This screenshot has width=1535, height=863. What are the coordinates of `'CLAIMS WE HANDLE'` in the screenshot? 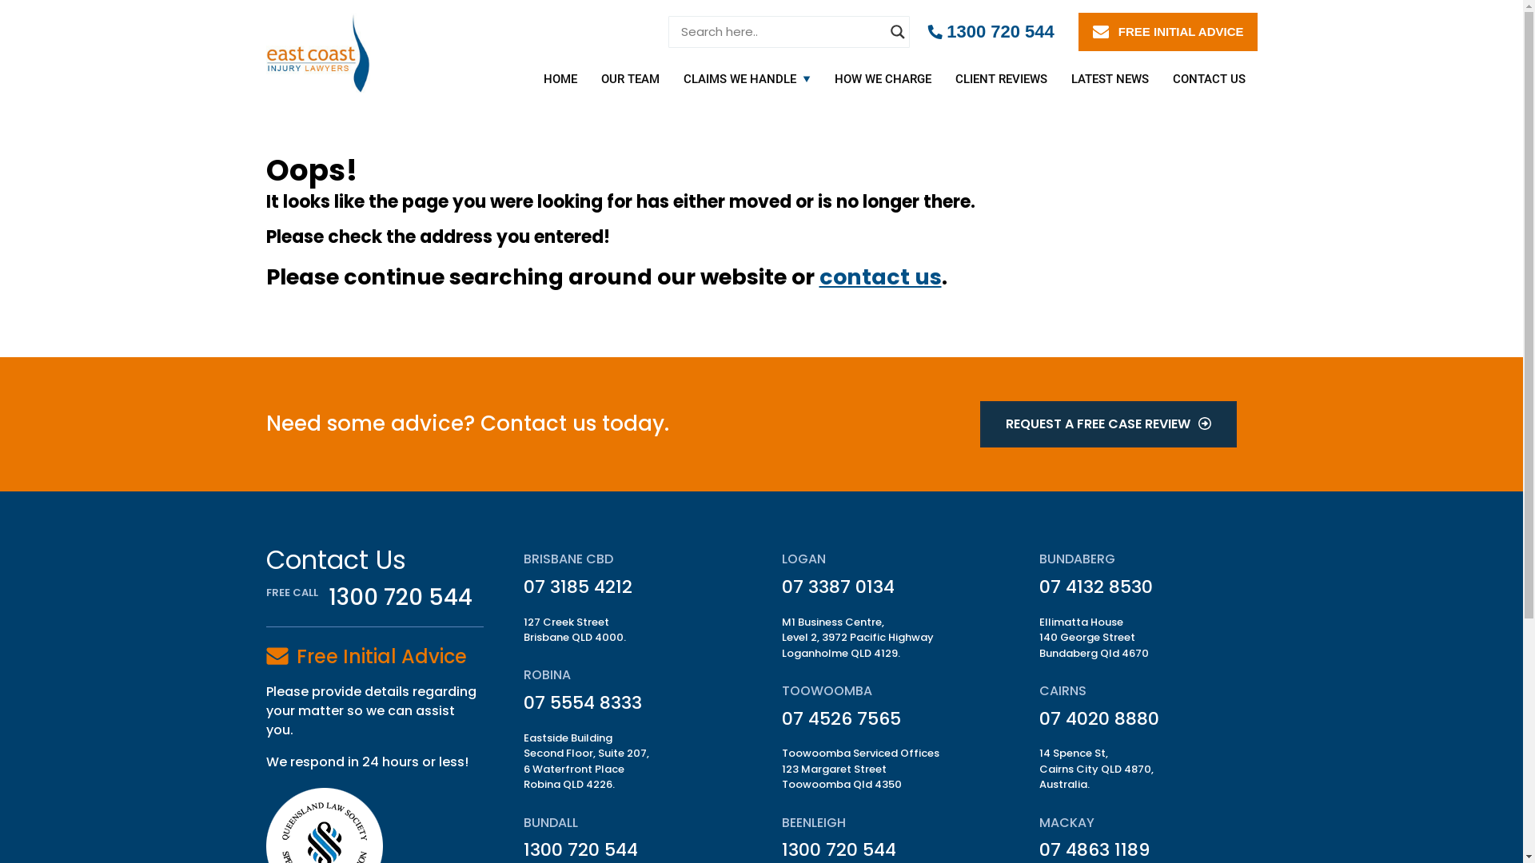 It's located at (740, 79).